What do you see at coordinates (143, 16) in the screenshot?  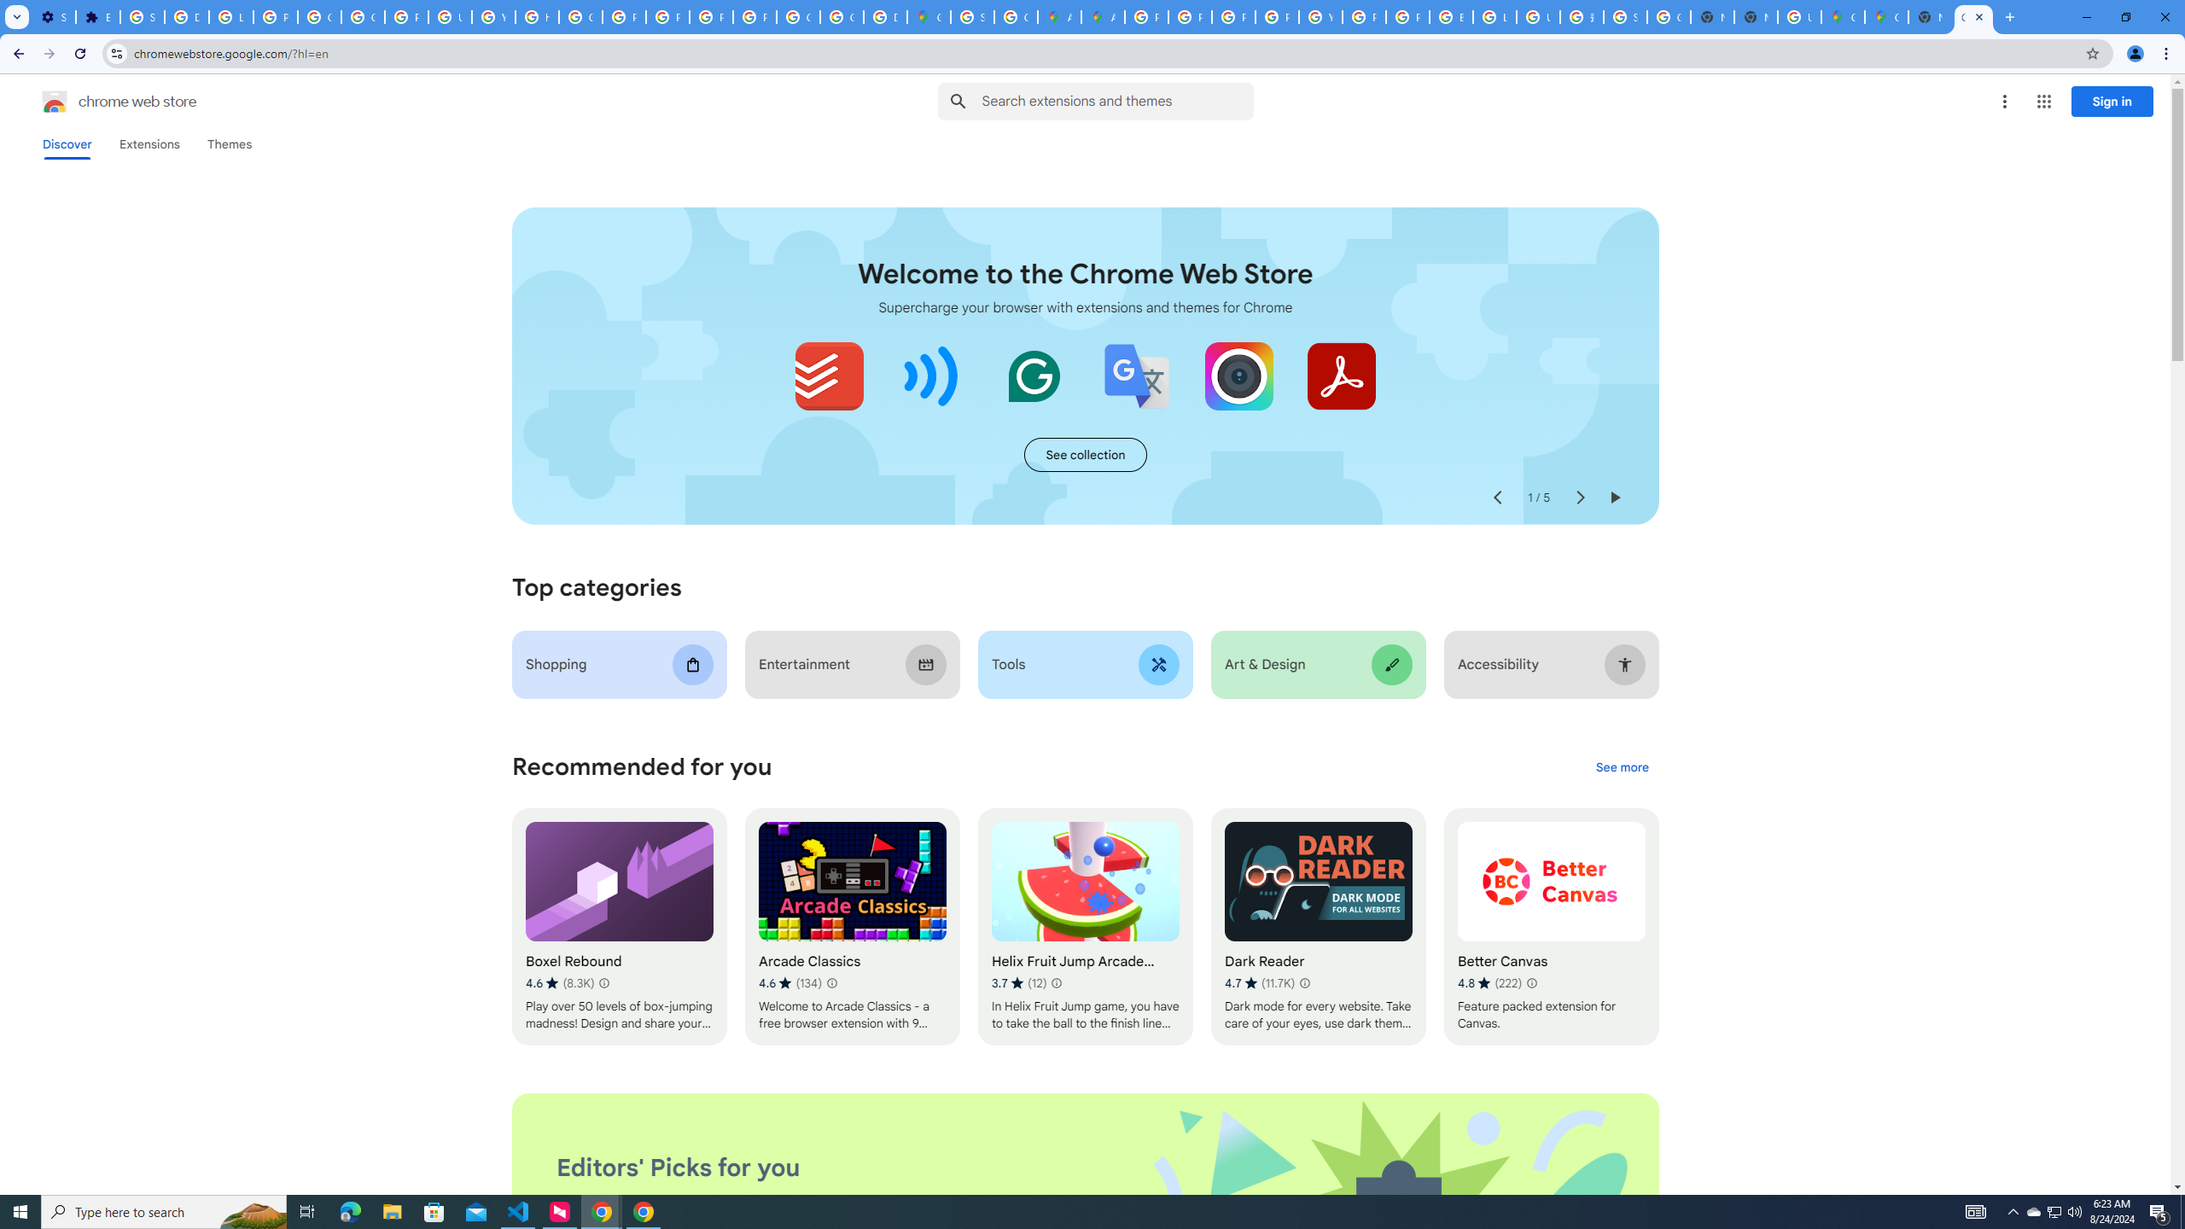 I see `'Sign in - Google Accounts'` at bounding box center [143, 16].